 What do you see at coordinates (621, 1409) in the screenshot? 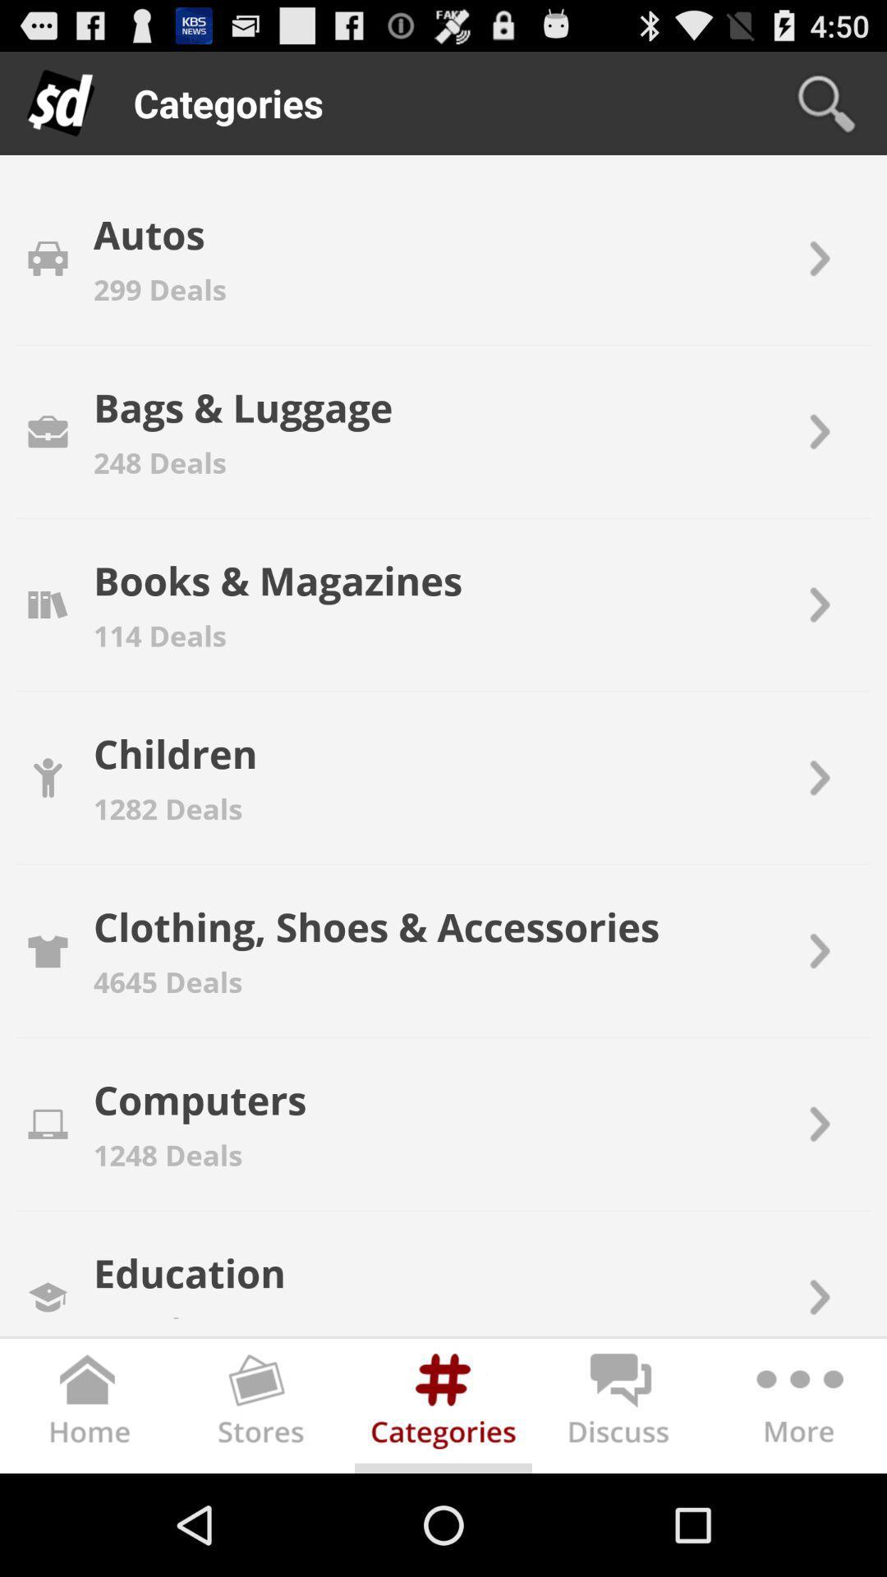
I see `open discussion` at bounding box center [621, 1409].